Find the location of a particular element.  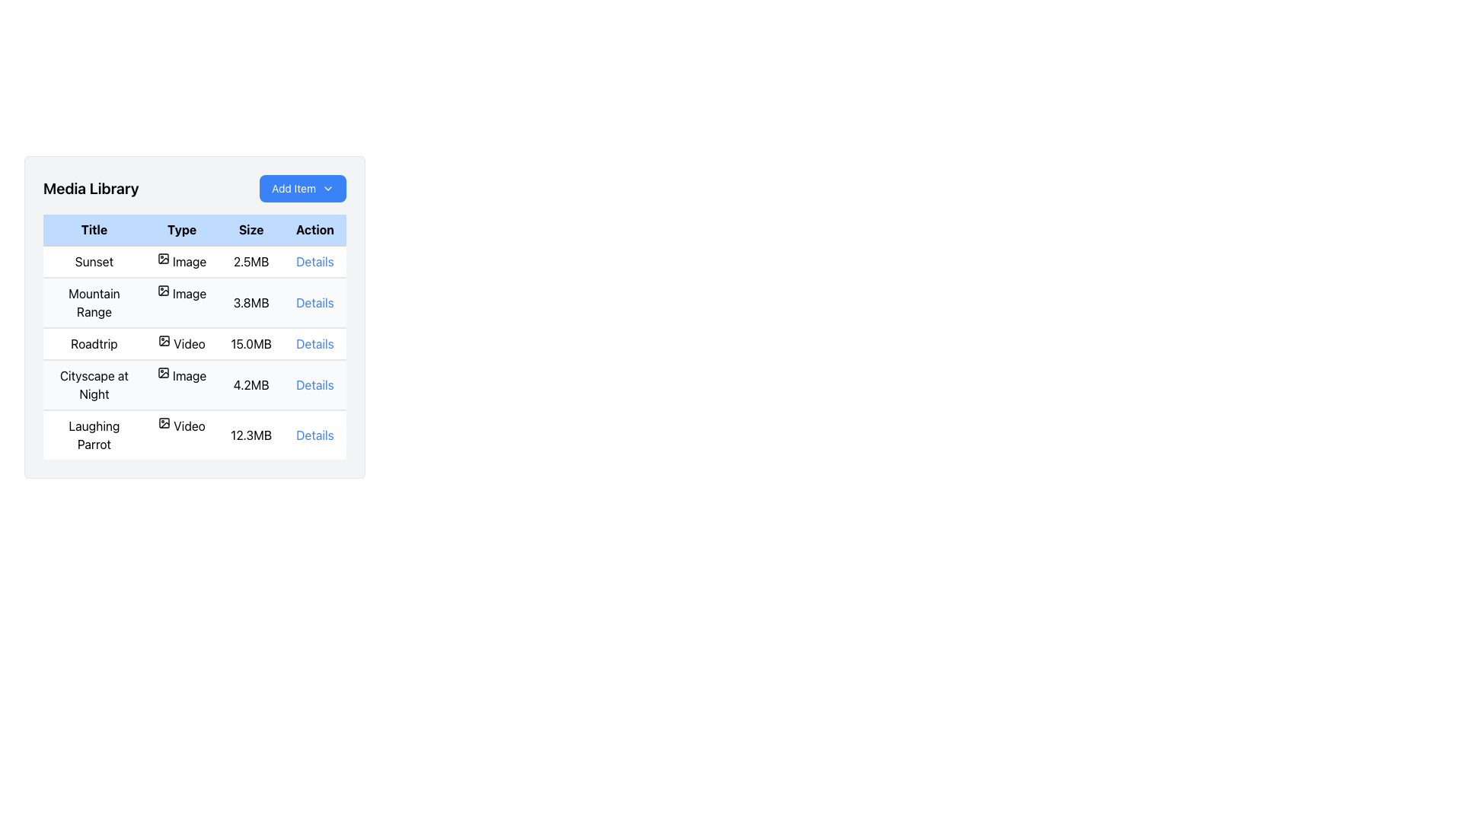

the label with an embedded icon indicating the media type for 'Mountain Range' located in the second row of the media library table under the 'Type' column is located at coordinates (182, 293).